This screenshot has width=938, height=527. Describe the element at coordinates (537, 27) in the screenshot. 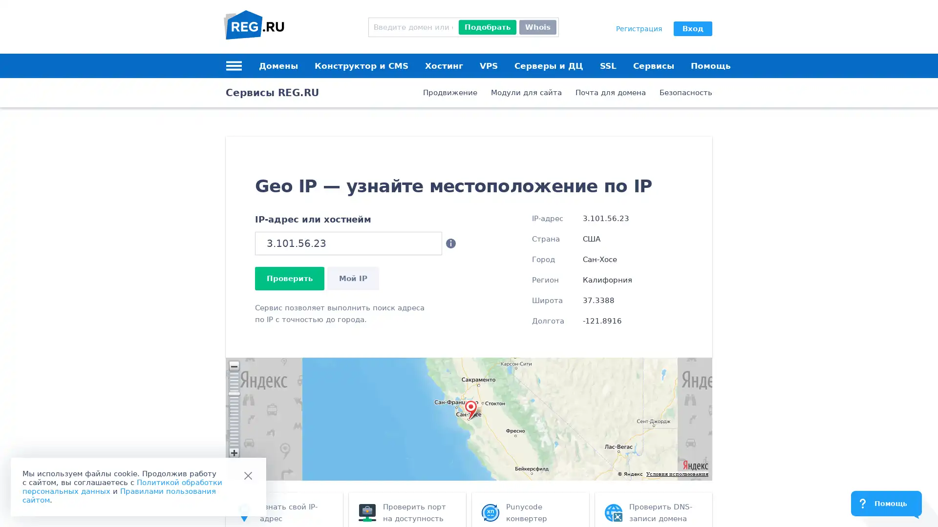

I see `Whois` at that location.